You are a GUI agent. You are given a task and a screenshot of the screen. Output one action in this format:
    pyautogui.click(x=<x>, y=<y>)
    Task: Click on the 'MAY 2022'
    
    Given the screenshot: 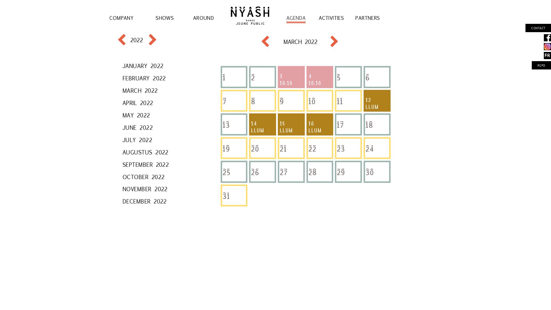 What is the action you would take?
    pyautogui.click(x=136, y=115)
    